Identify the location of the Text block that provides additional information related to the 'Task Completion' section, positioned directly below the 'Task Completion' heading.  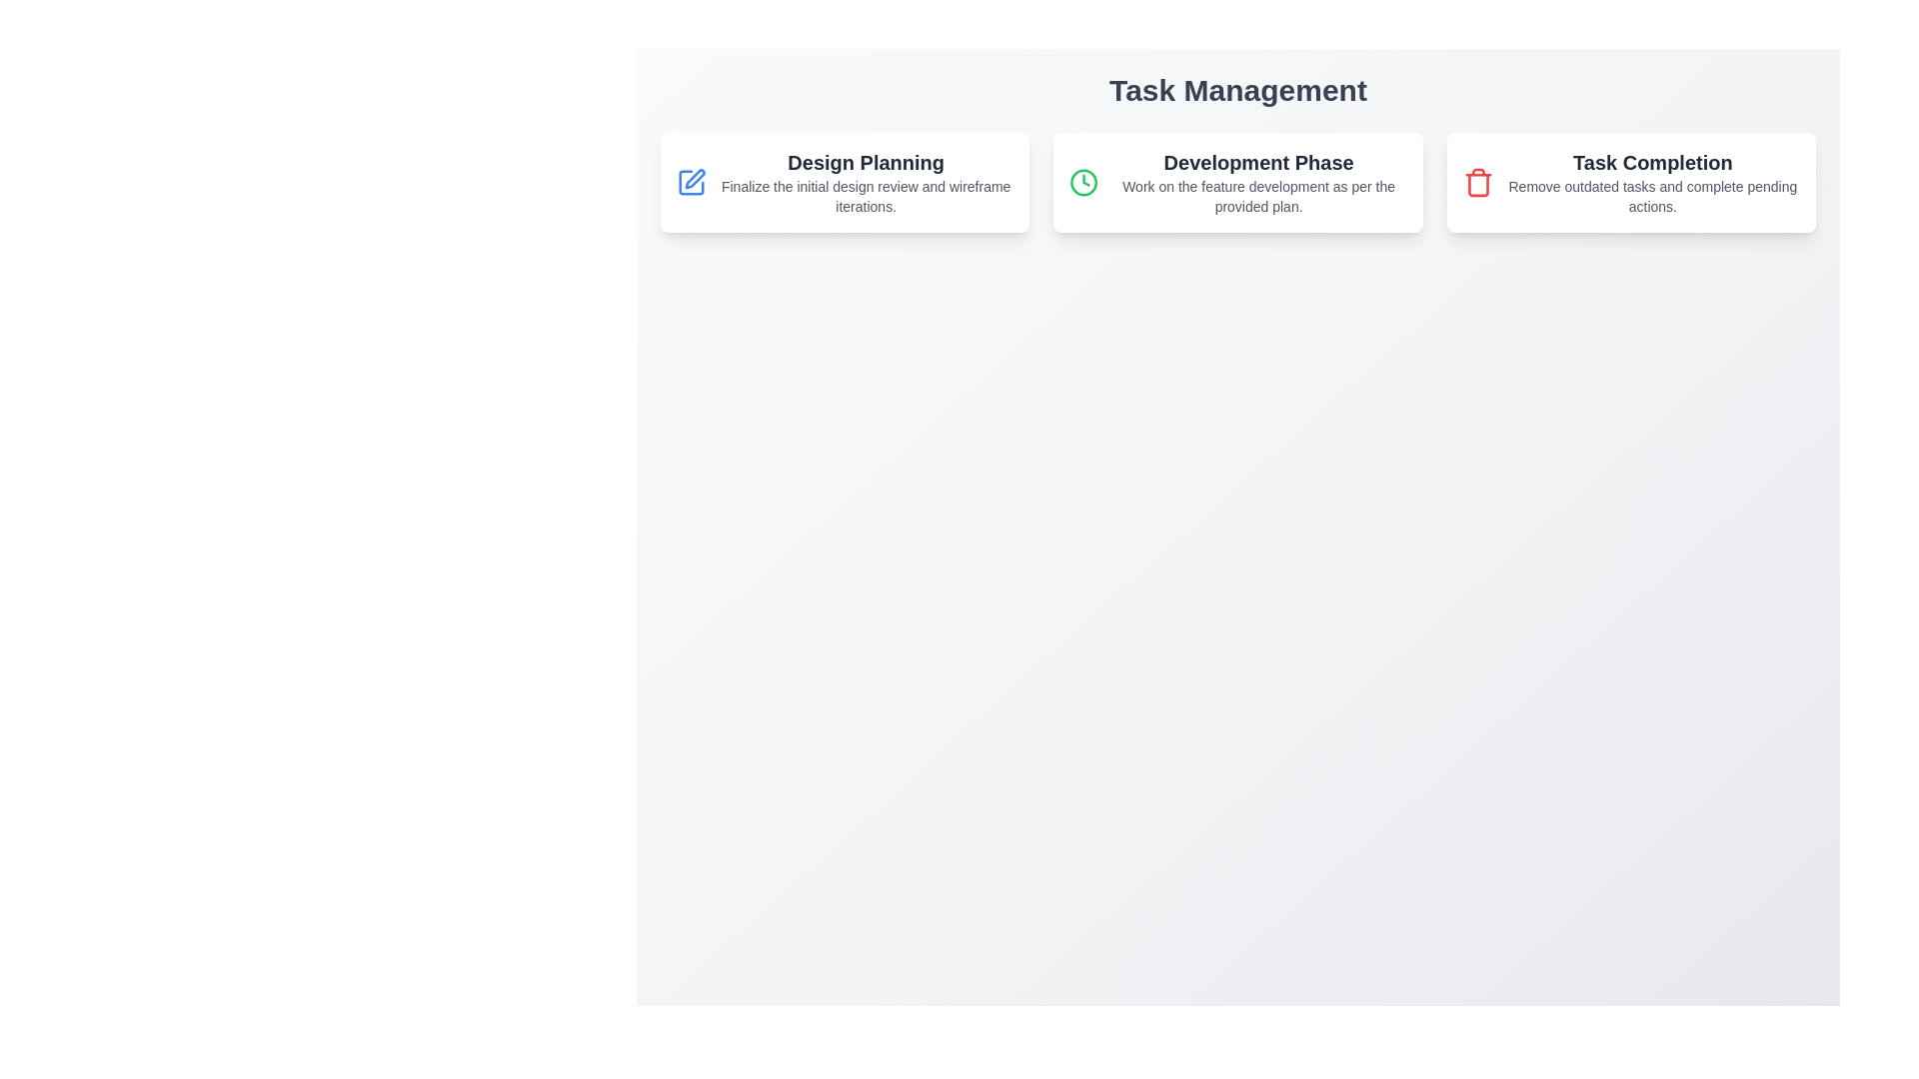
(1652, 196).